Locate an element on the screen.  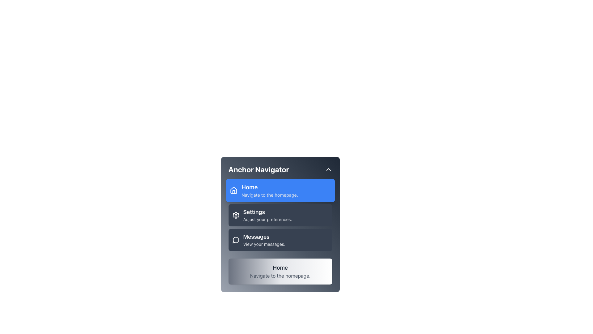
the downward-facing chevron arrow located in the top-right corner of the 'Anchor Navigator' box is located at coordinates (328, 169).